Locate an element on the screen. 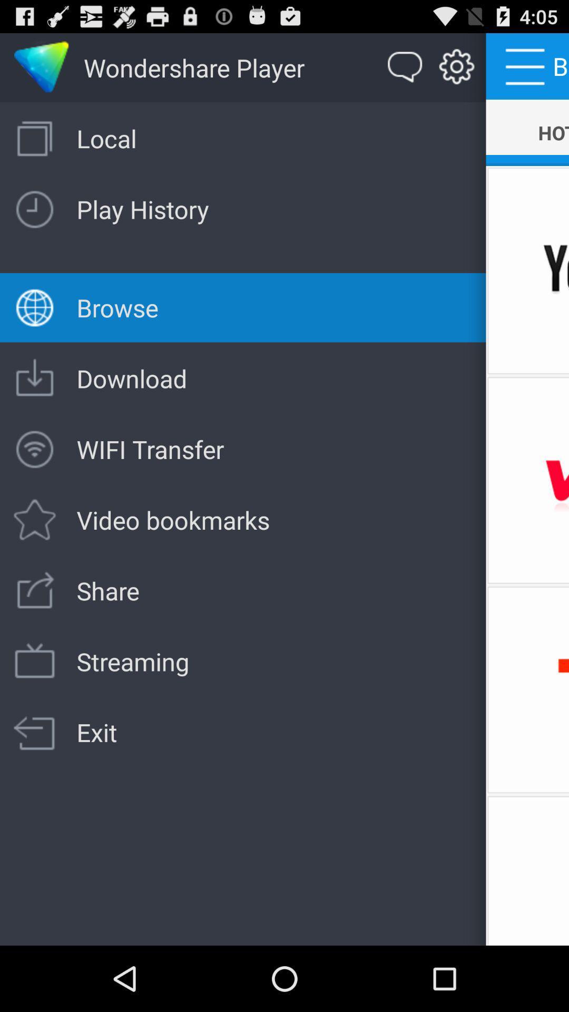 This screenshot has width=569, height=1012. the image at the left top corner of the page is located at coordinates (41, 67).